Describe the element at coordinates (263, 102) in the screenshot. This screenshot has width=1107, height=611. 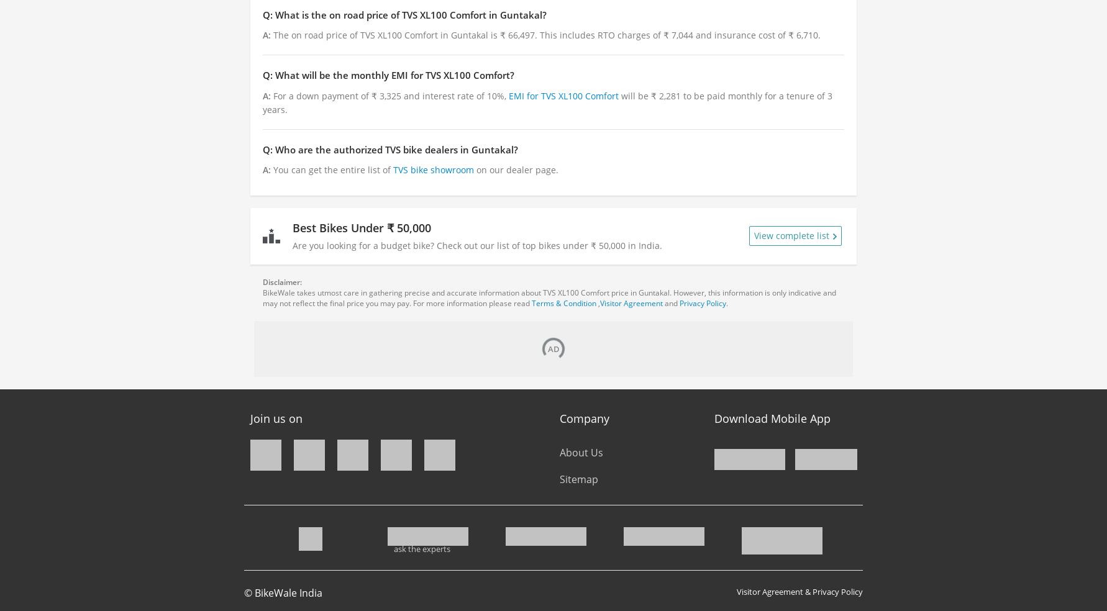
I see `'will be ₹ 2,281 to be paid monthly for a tenure of 3 years.'` at that location.